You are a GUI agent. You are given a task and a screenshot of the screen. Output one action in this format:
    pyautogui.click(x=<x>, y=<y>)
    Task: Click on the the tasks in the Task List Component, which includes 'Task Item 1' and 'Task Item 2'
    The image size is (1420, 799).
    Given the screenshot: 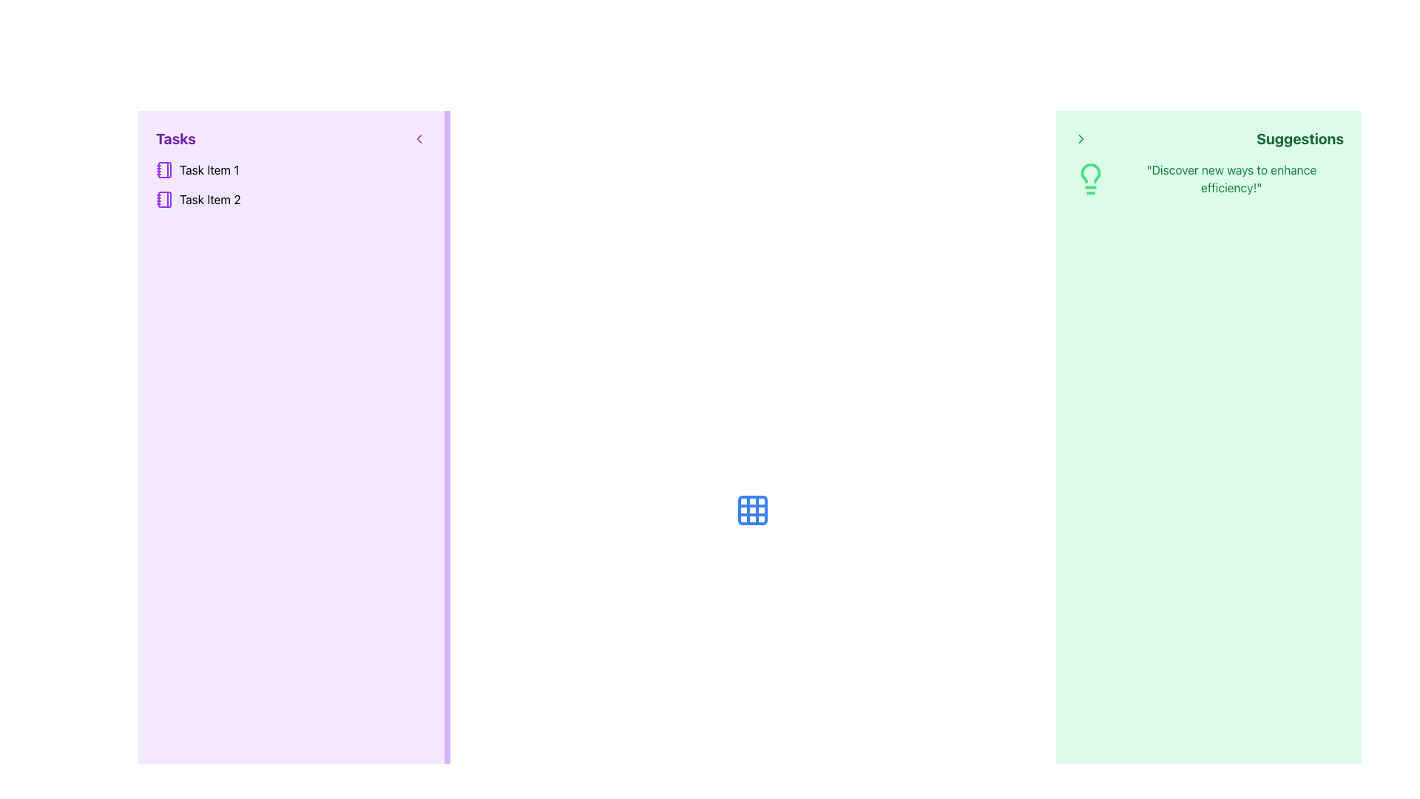 What is the action you would take?
    pyautogui.click(x=291, y=184)
    